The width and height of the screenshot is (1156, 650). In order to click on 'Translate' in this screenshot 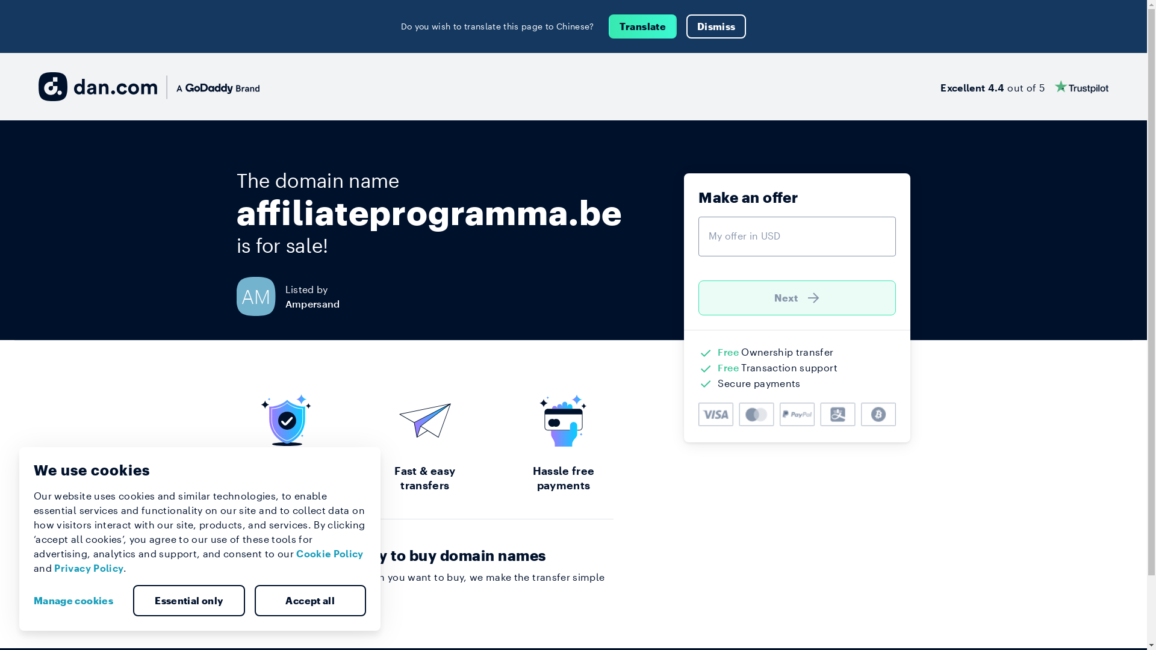, I will do `click(642, 26)`.